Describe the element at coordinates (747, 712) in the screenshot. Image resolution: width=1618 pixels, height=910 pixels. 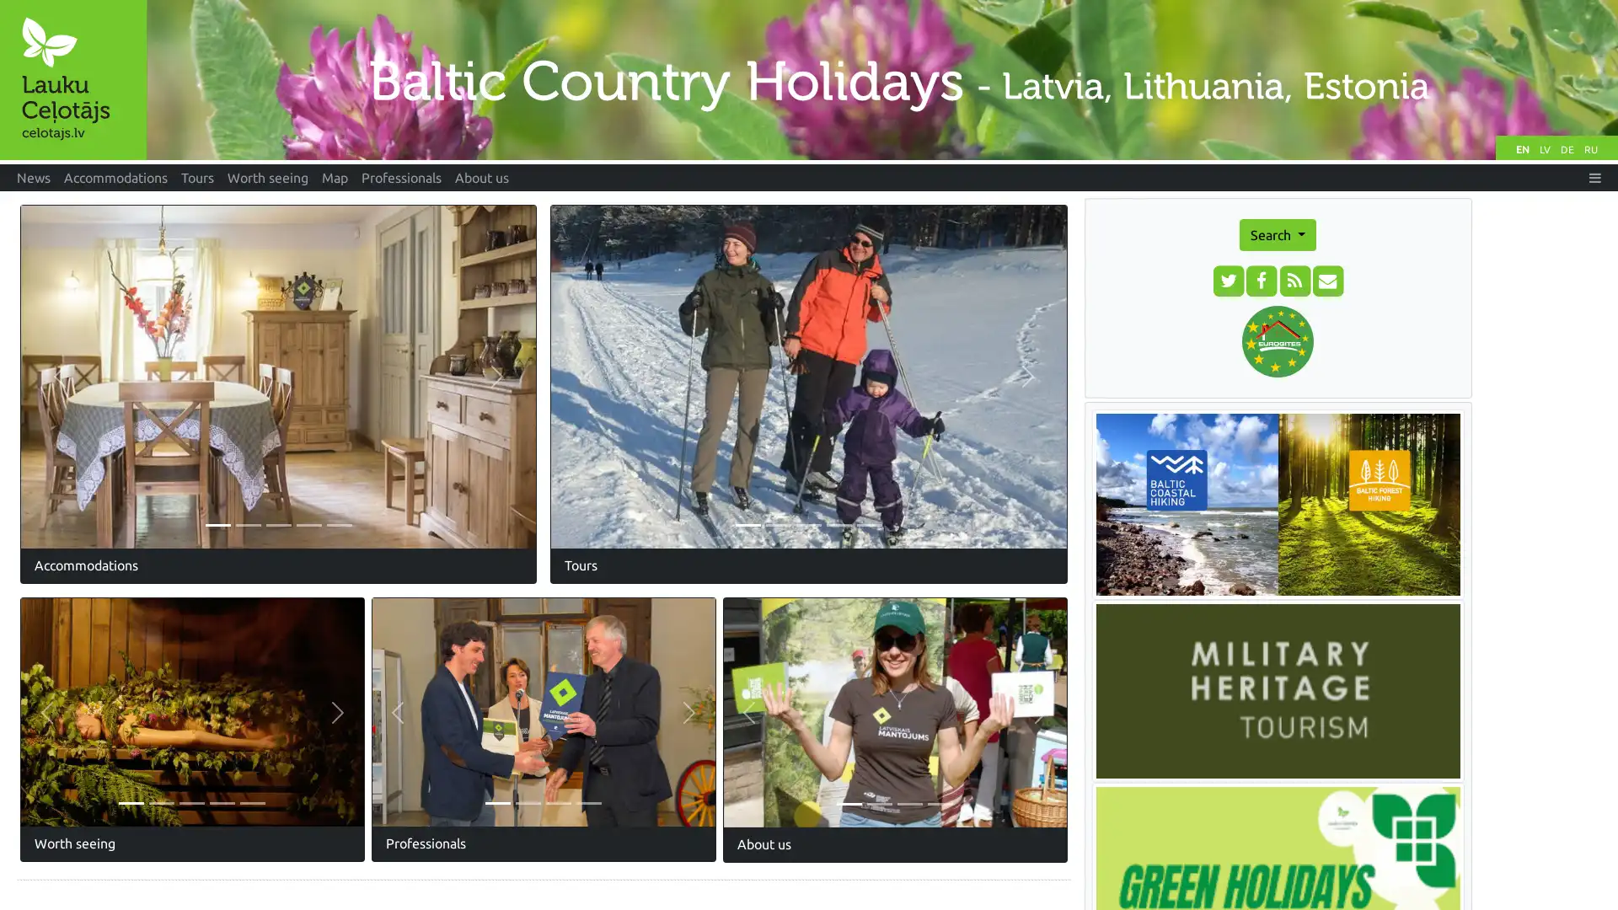
I see `Previous` at that location.